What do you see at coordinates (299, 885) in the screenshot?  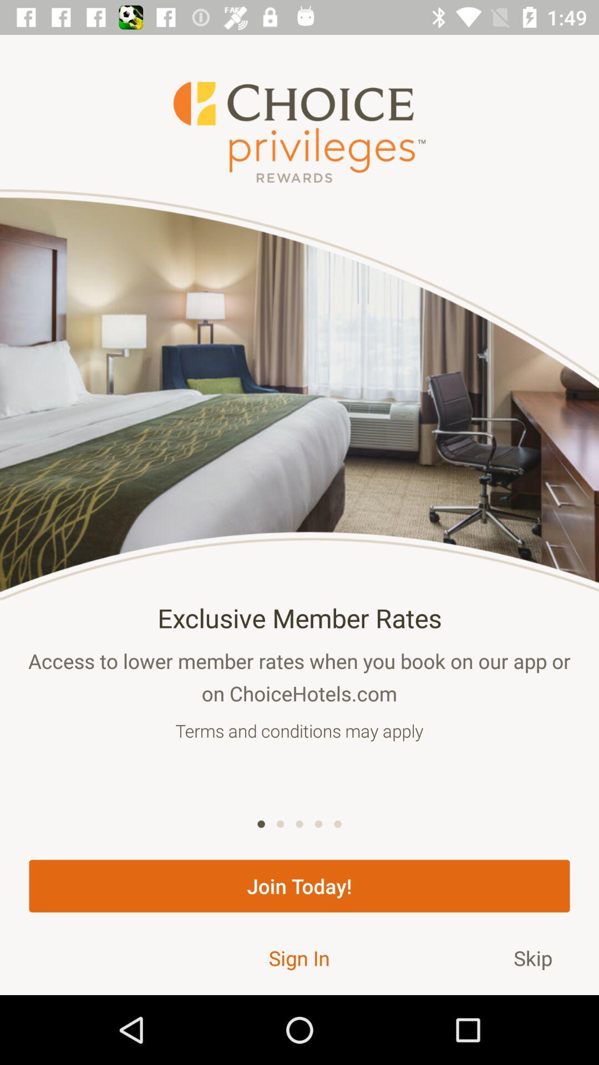 I see `join today! item` at bounding box center [299, 885].